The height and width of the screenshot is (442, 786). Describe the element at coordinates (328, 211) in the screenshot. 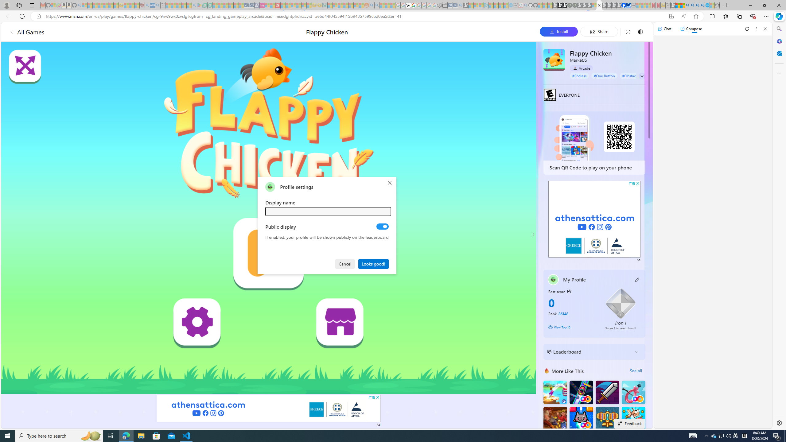

I see `'Class: text-input'` at that location.